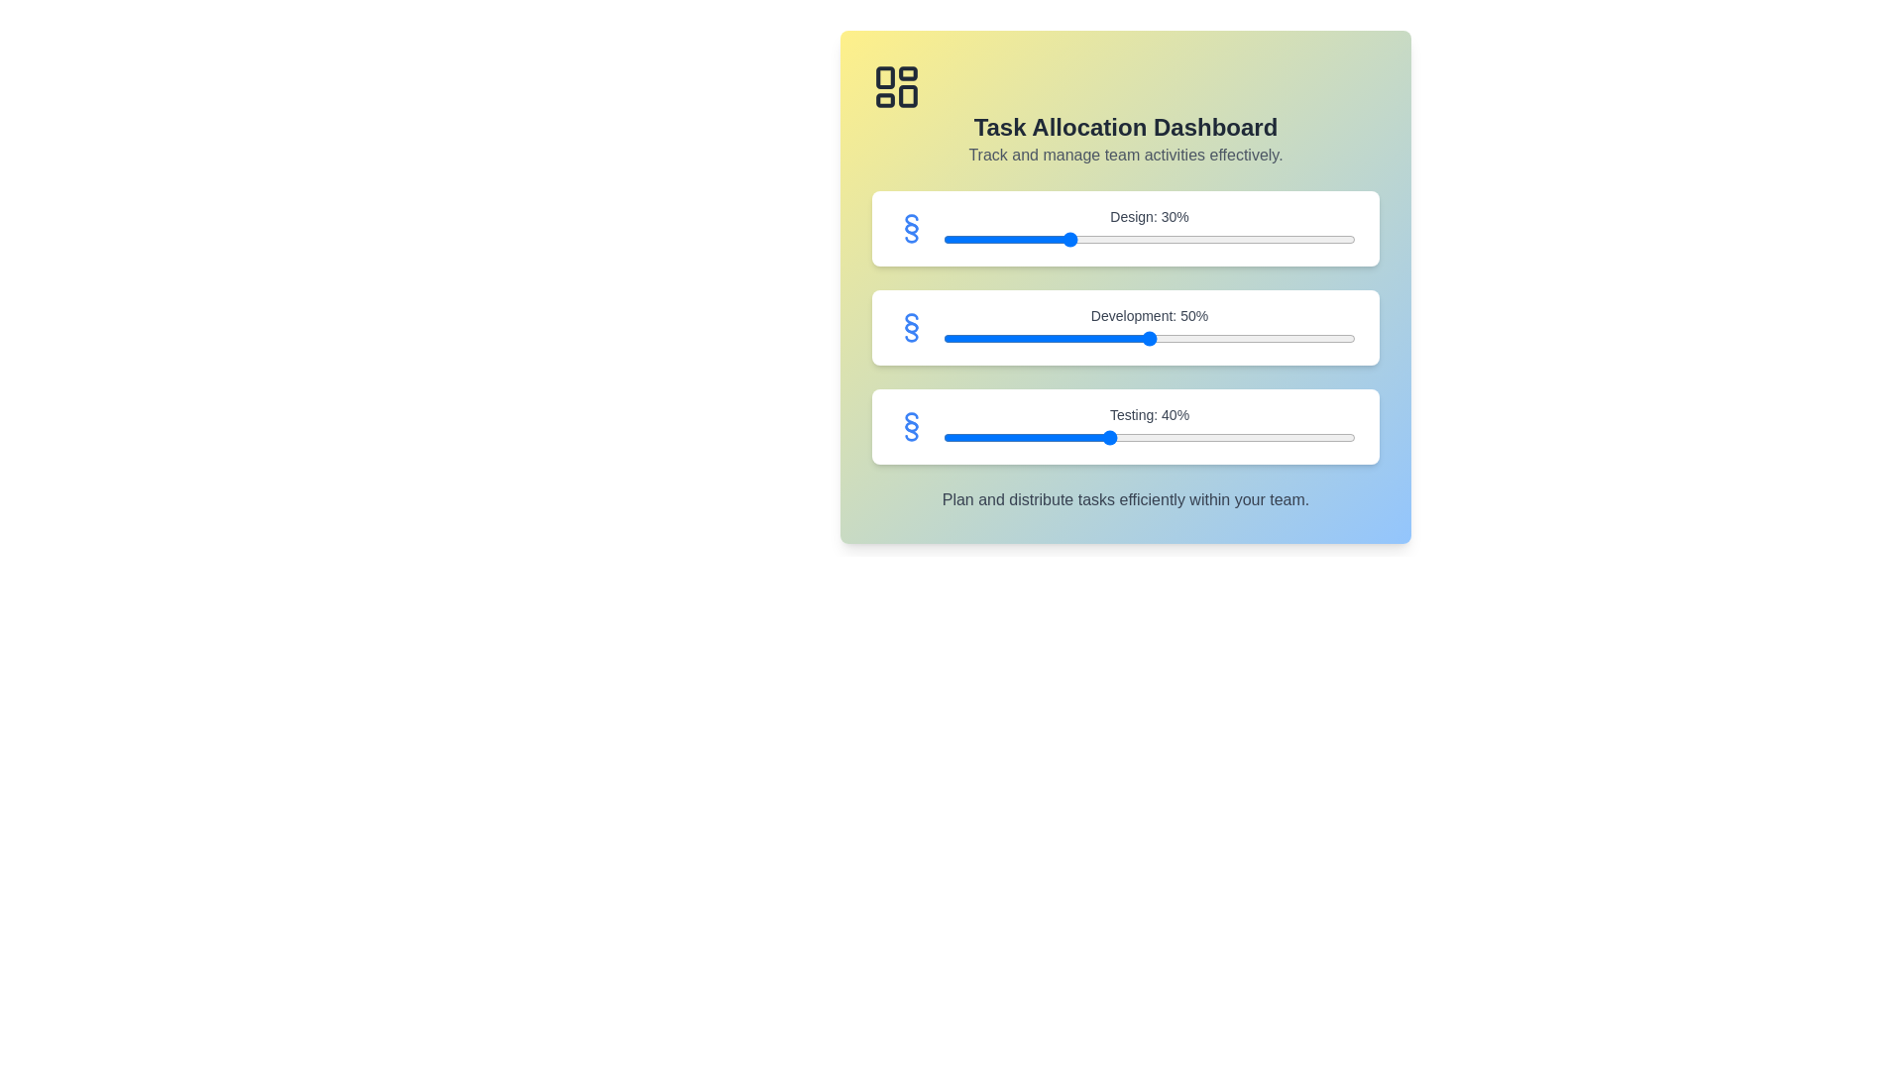 This screenshot has height=1070, width=1903. What do you see at coordinates (1310, 437) in the screenshot?
I see `the 'Testing' slider to 89%` at bounding box center [1310, 437].